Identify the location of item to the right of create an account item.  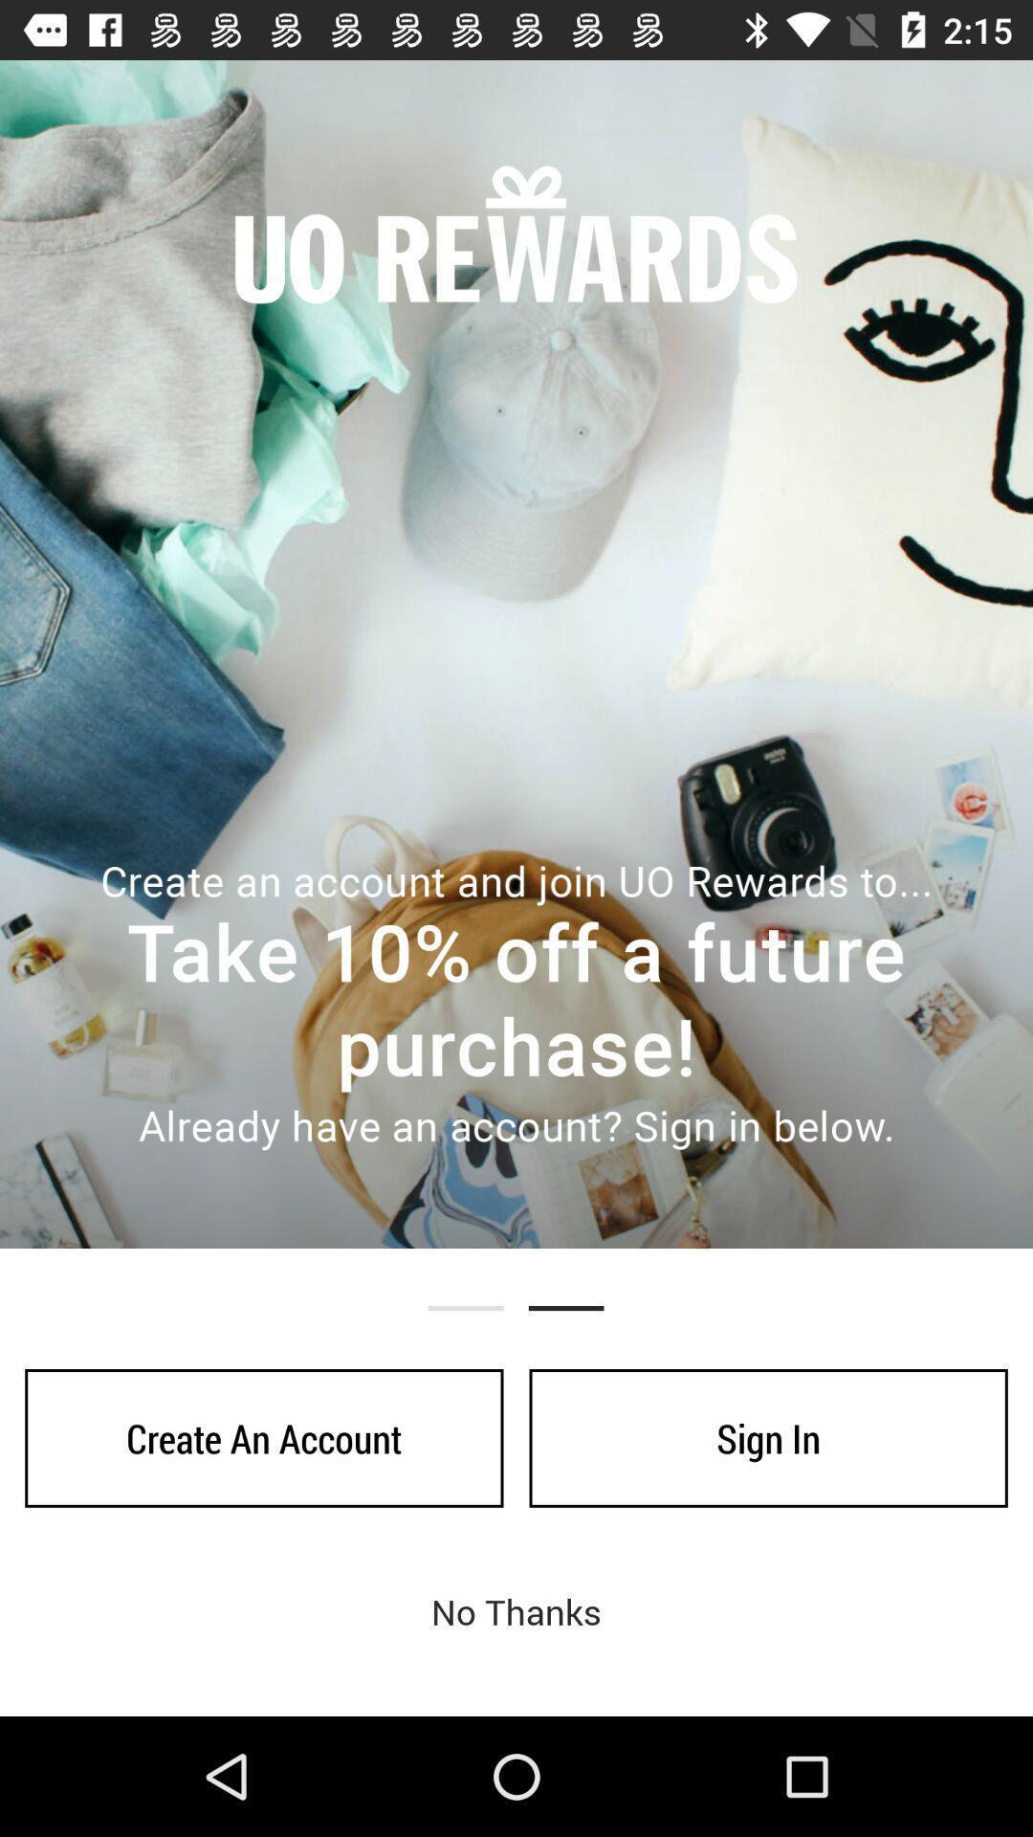
(767, 1438).